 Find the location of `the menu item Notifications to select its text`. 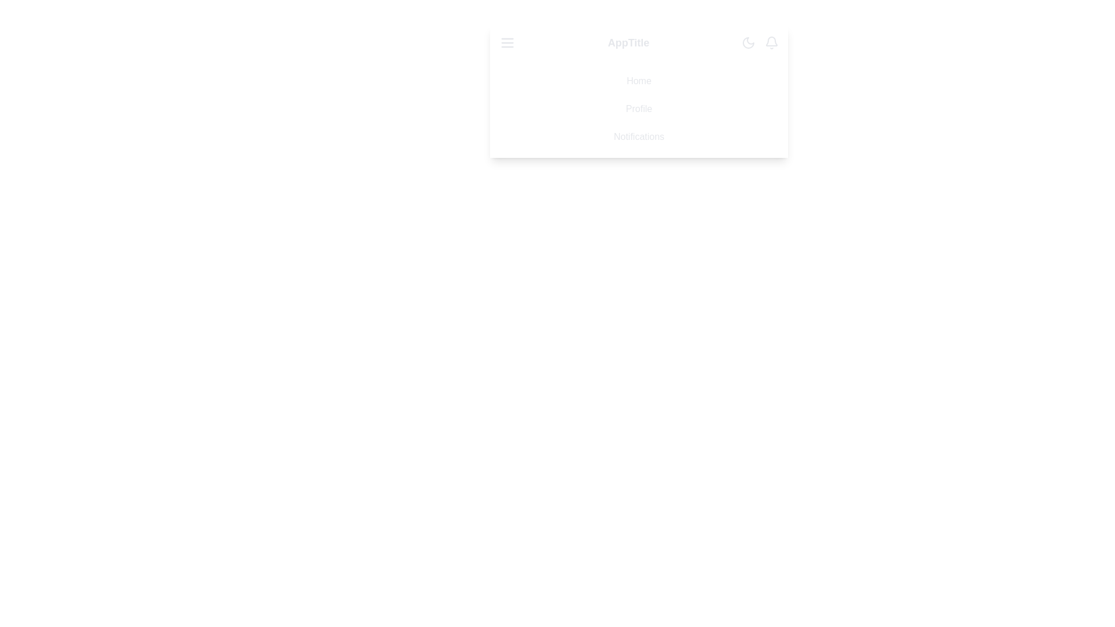

the menu item Notifications to select its text is located at coordinates (638, 136).